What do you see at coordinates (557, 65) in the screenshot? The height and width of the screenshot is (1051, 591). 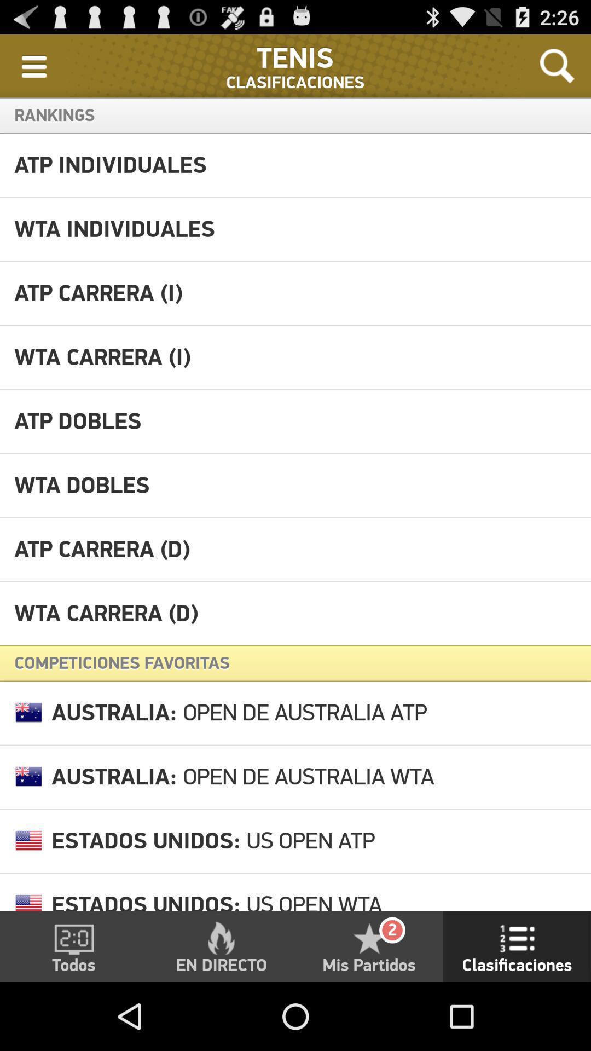 I see `icon at the top right corner` at bounding box center [557, 65].